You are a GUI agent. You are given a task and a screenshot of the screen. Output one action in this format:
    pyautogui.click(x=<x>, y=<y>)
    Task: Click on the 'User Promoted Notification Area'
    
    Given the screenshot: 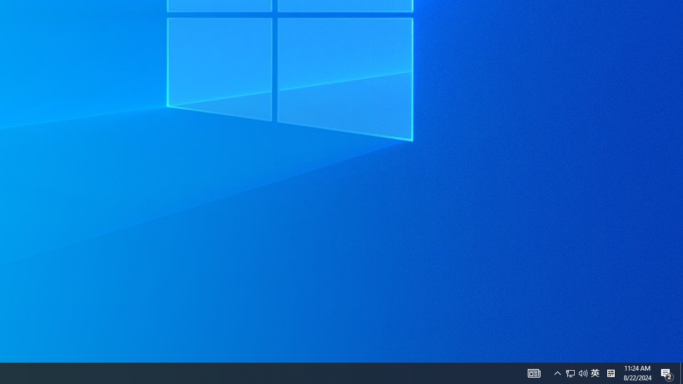 What is the action you would take?
    pyautogui.click(x=594, y=372)
    